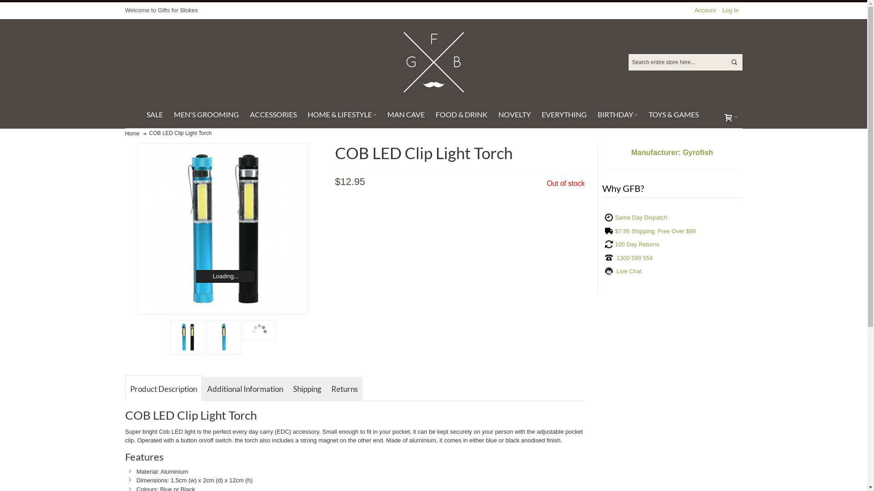  I want to click on 'Gifts for Men', so click(400, 62).